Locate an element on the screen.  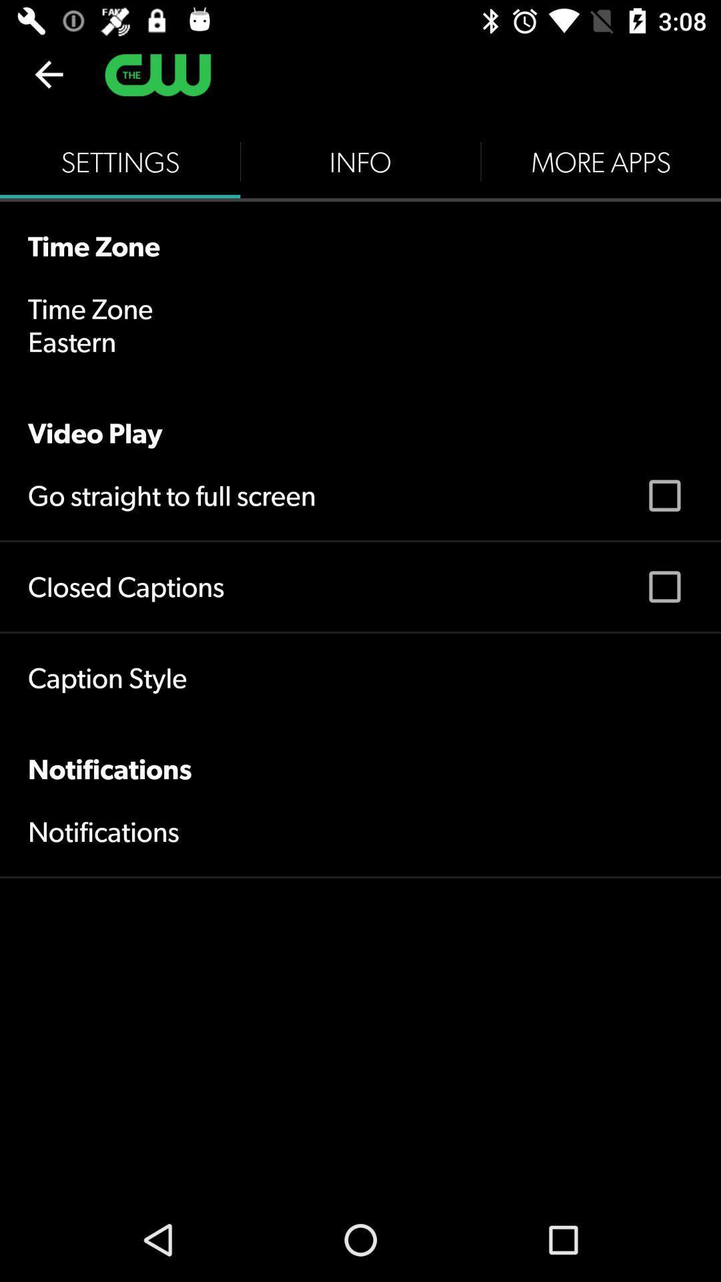
icon above closed captions is located at coordinates (171, 495).